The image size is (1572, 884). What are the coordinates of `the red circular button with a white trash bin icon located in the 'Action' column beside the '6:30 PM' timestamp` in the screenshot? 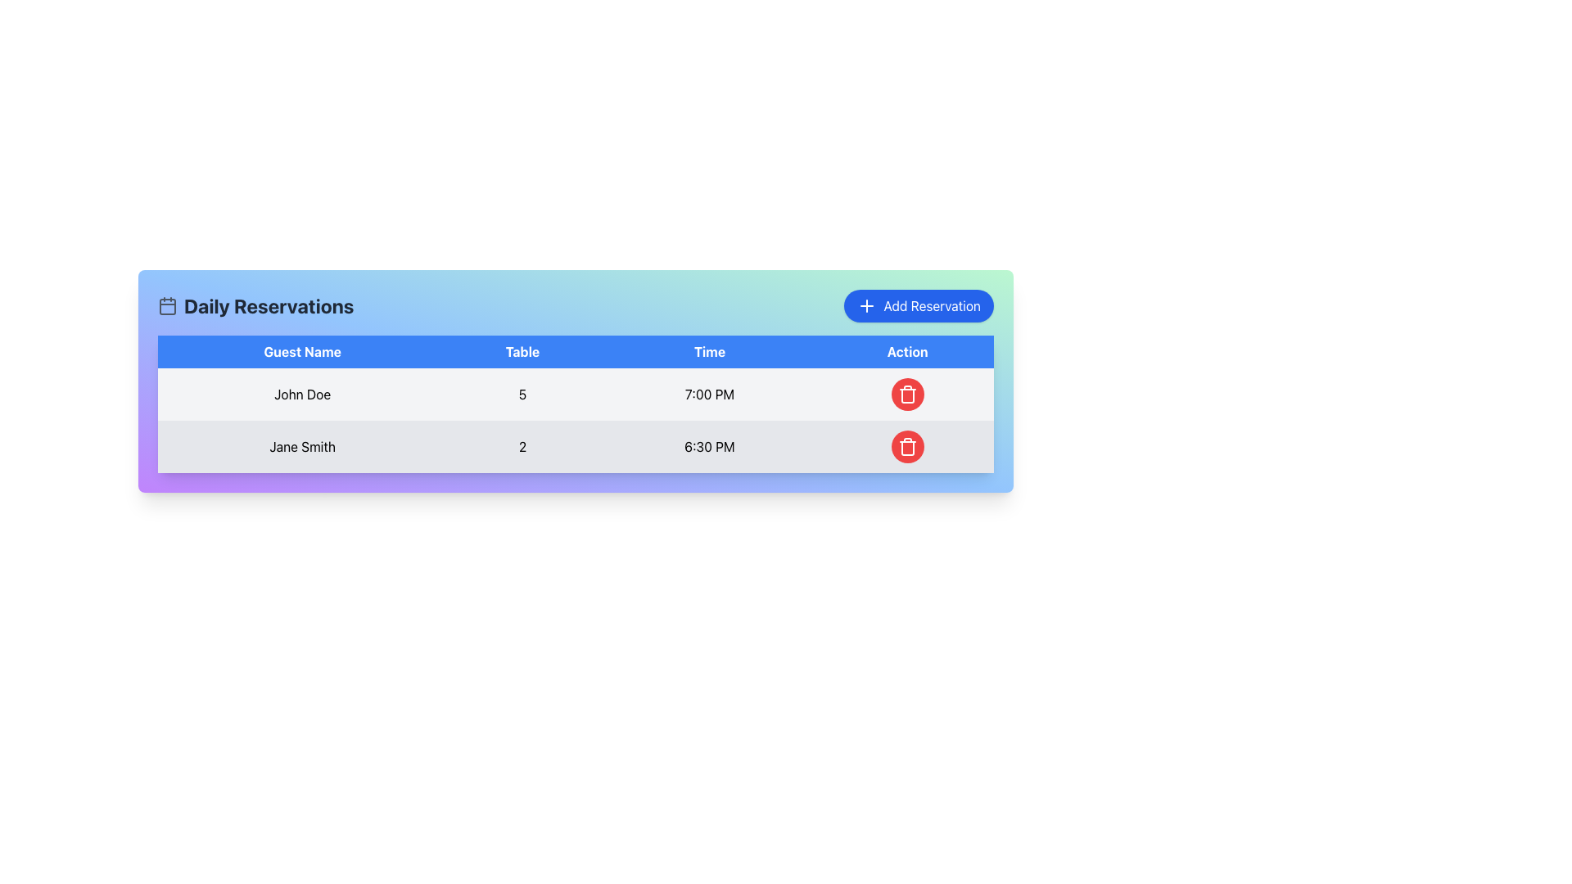 It's located at (906, 447).